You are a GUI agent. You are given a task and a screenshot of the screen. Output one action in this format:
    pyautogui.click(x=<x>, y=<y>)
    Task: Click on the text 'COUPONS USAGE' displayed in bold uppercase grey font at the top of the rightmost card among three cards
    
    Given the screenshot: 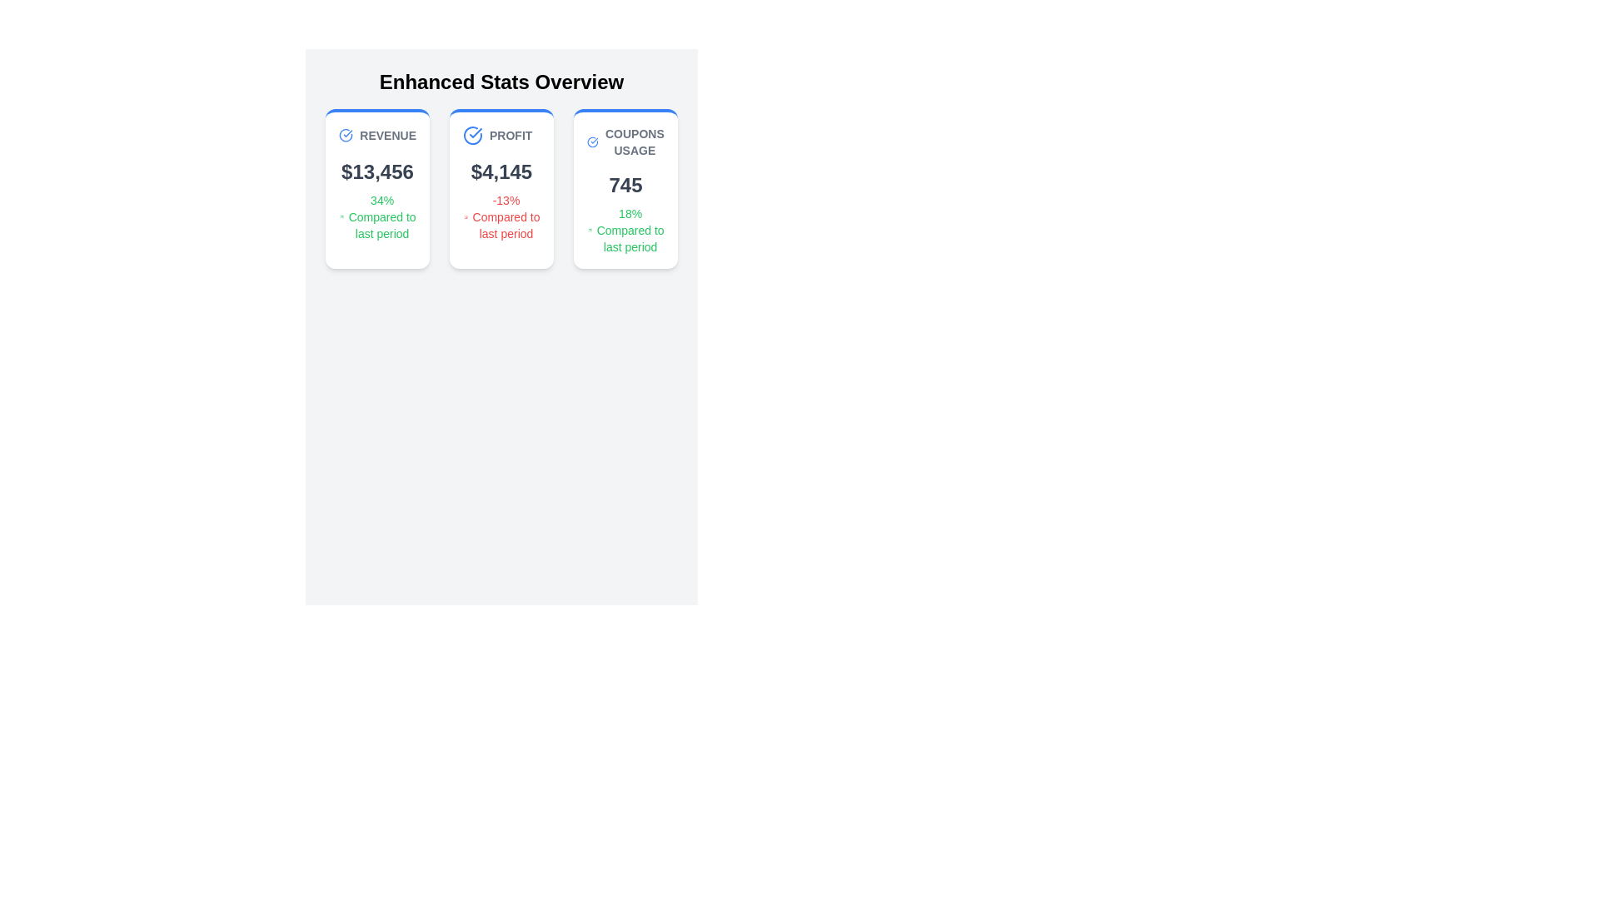 What is the action you would take?
    pyautogui.click(x=634, y=141)
    